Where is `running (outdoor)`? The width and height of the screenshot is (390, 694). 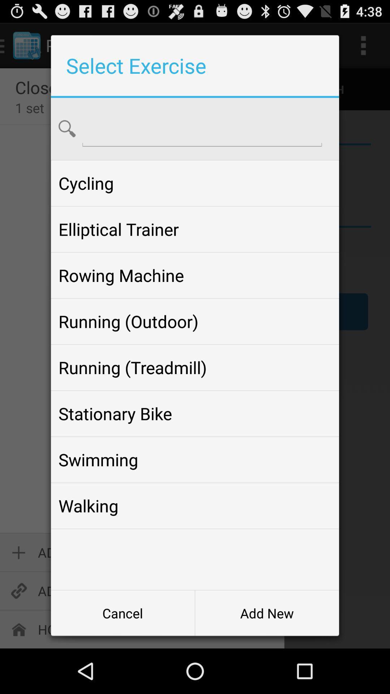 running (outdoor) is located at coordinates (195, 321).